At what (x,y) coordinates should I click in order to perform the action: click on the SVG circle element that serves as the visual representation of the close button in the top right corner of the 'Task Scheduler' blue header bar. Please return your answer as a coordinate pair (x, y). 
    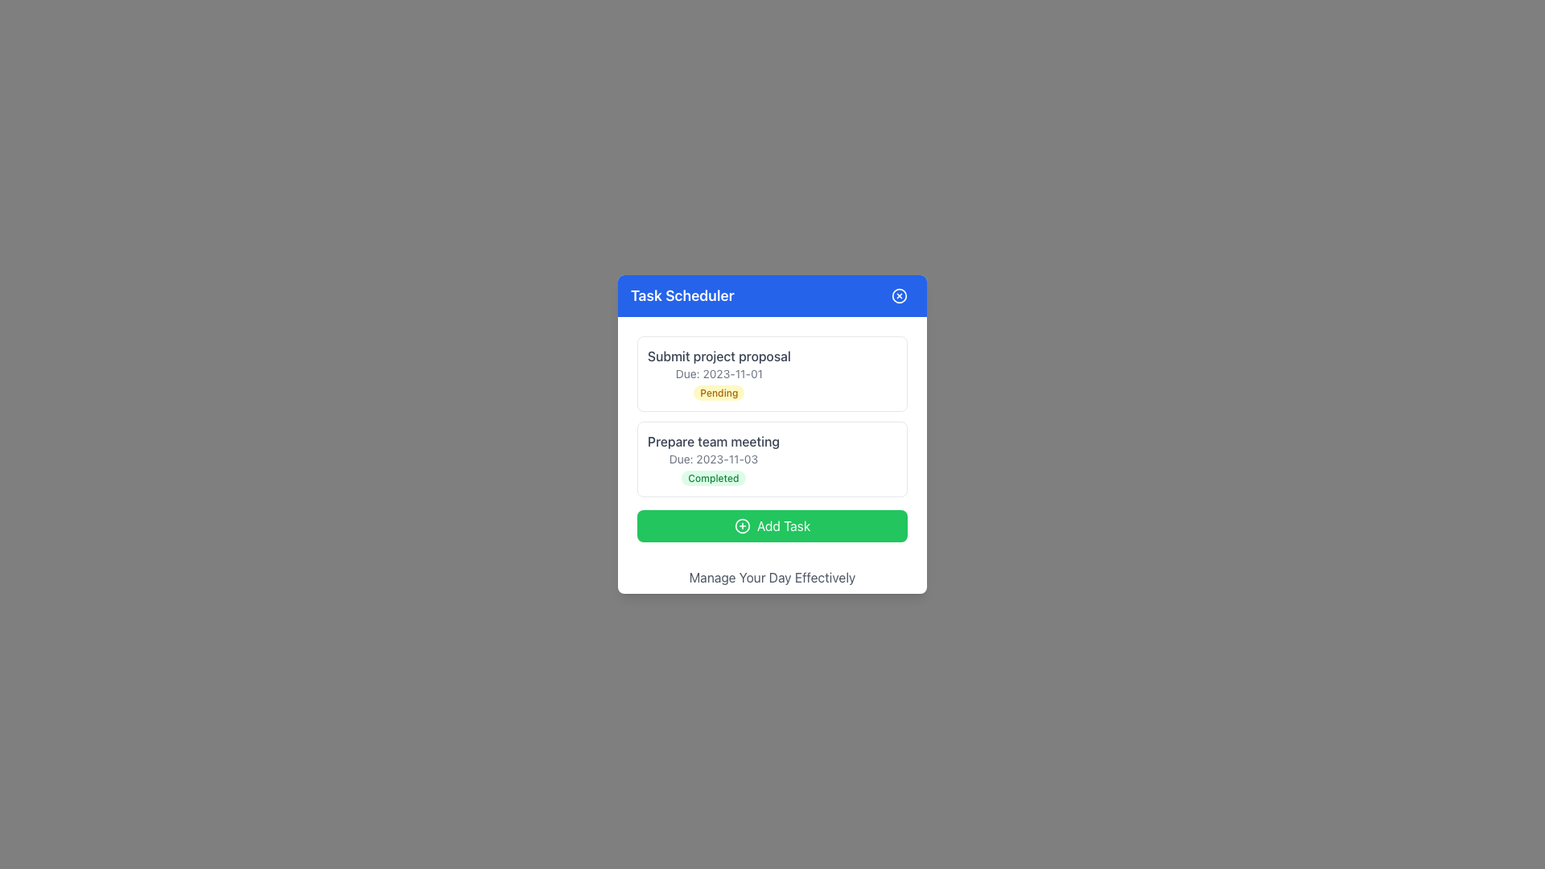
    Looking at the image, I should click on (899, 295).